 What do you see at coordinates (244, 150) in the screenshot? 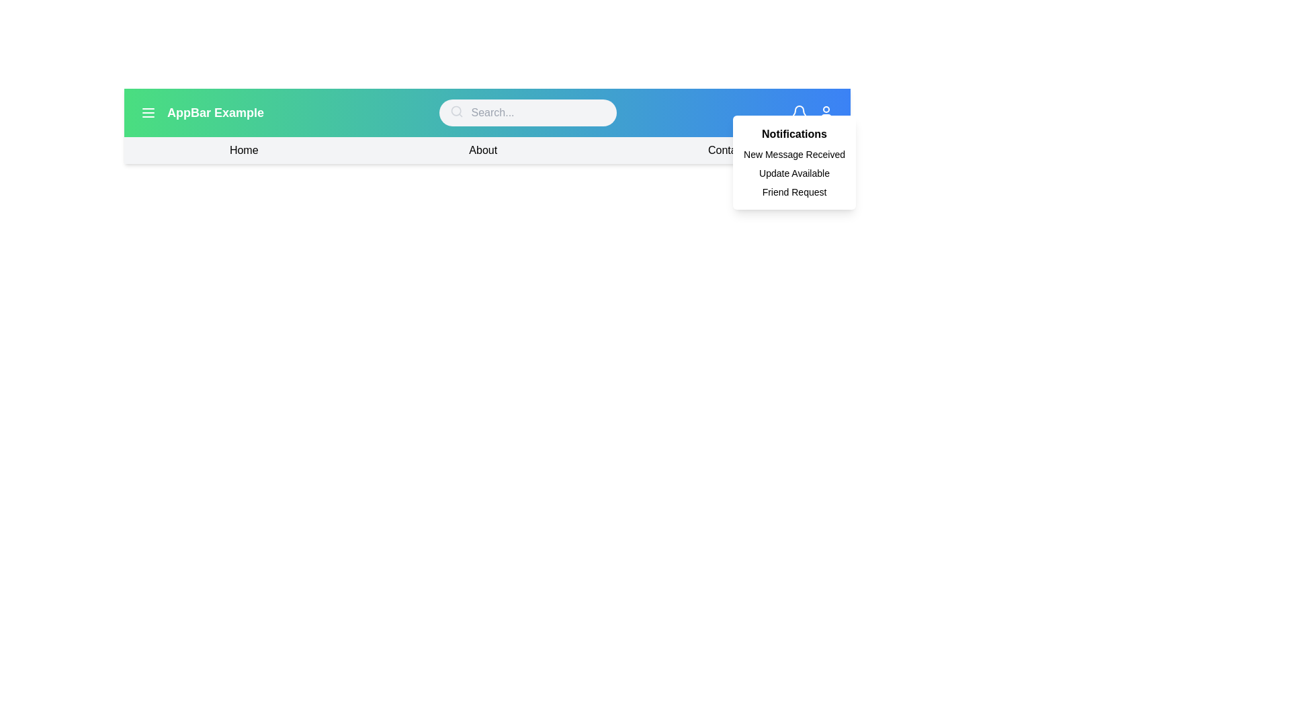
I see `the navigation link Home to navigate to the corresponding section` at bounding box center [244, 150].